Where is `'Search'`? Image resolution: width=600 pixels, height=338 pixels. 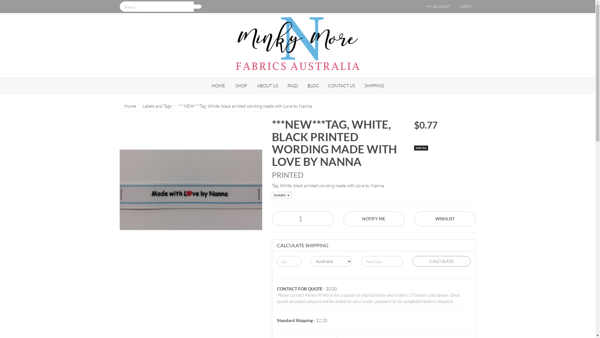 'Search' is located at coordinates (197, 6).